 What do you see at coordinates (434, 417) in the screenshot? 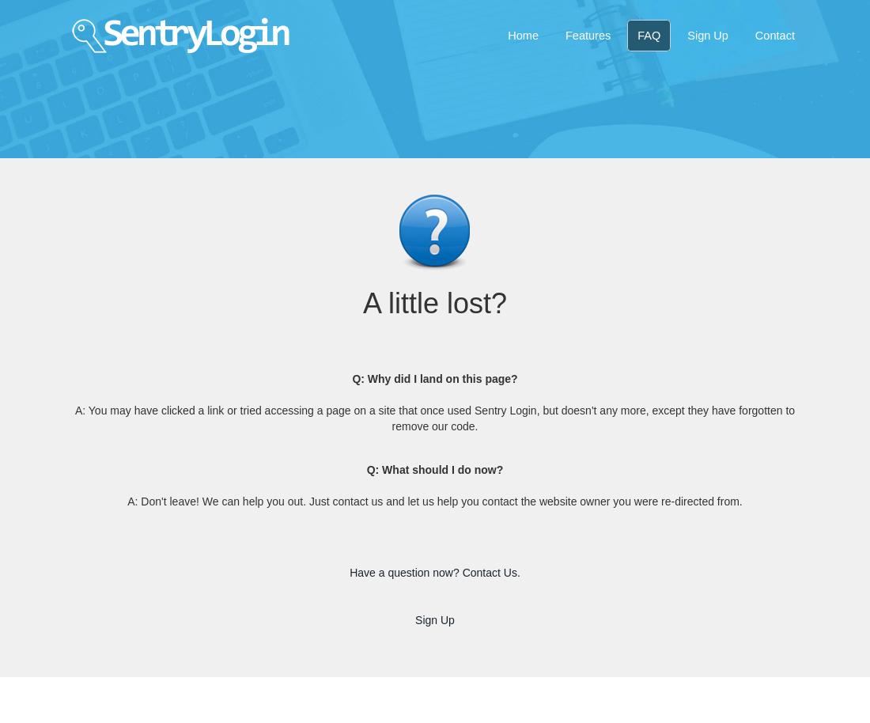
I see `'A: You may have clicked a link or tried accessing a page on a site that once used Sentry Login, but doesn't any more, except they have forgotten to remove our code.'` at bounding box center [434, 417].